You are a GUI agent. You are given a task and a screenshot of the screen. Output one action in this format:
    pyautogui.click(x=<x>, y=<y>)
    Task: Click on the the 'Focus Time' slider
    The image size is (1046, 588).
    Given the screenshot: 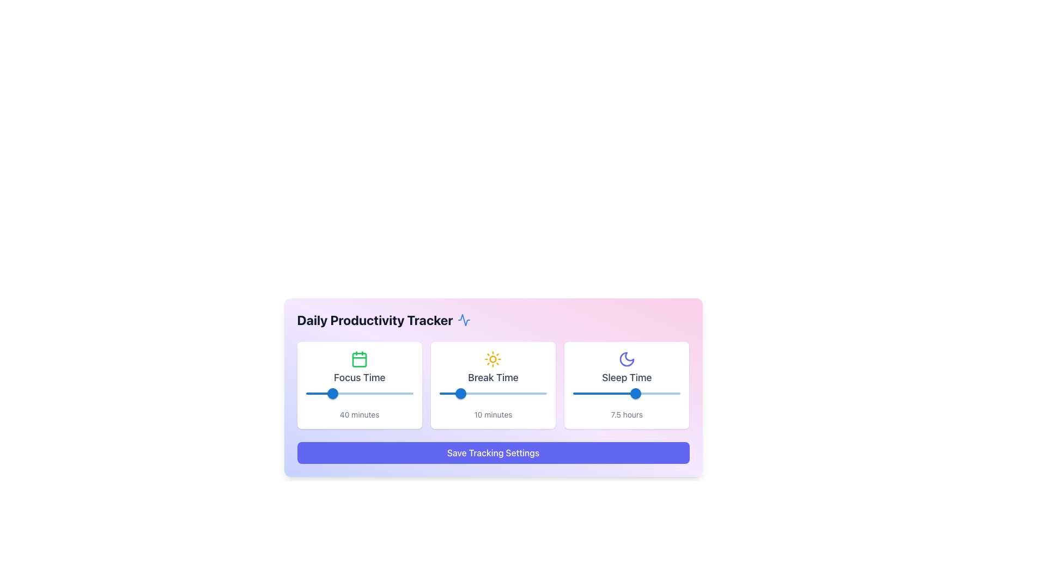 What is the action you would take?
    pyautogui.click(x=351, y=392)
    